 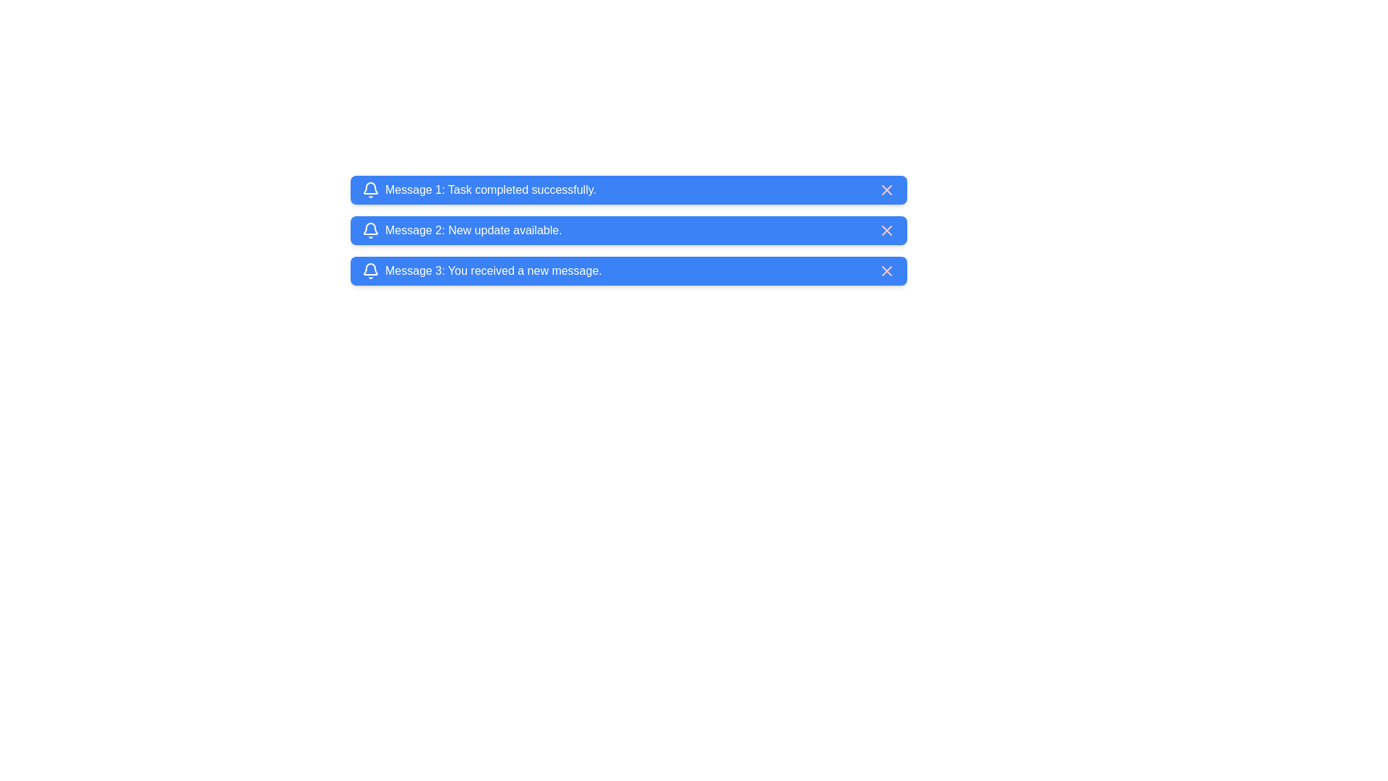 What do you see at coordinates (886, 230) in the screenshot?
I see `the close button represented by a white diagonal cross-line (X) on the blue background of the second notification banner` at bounding box center [886, 230].